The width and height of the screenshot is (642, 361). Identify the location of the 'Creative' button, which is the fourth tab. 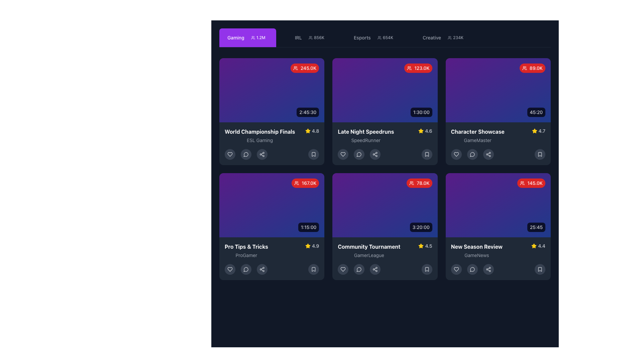
(444, 37).